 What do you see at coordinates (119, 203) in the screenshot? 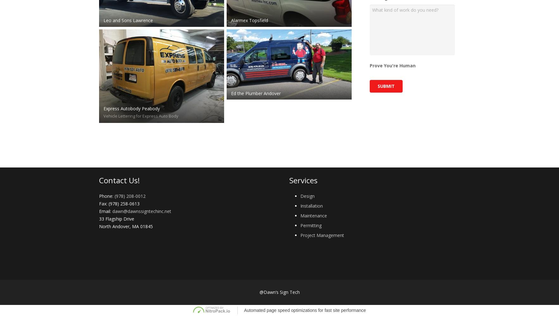
I see `'Fax: (978) 258-0613'` at bounding box center [119, 203].